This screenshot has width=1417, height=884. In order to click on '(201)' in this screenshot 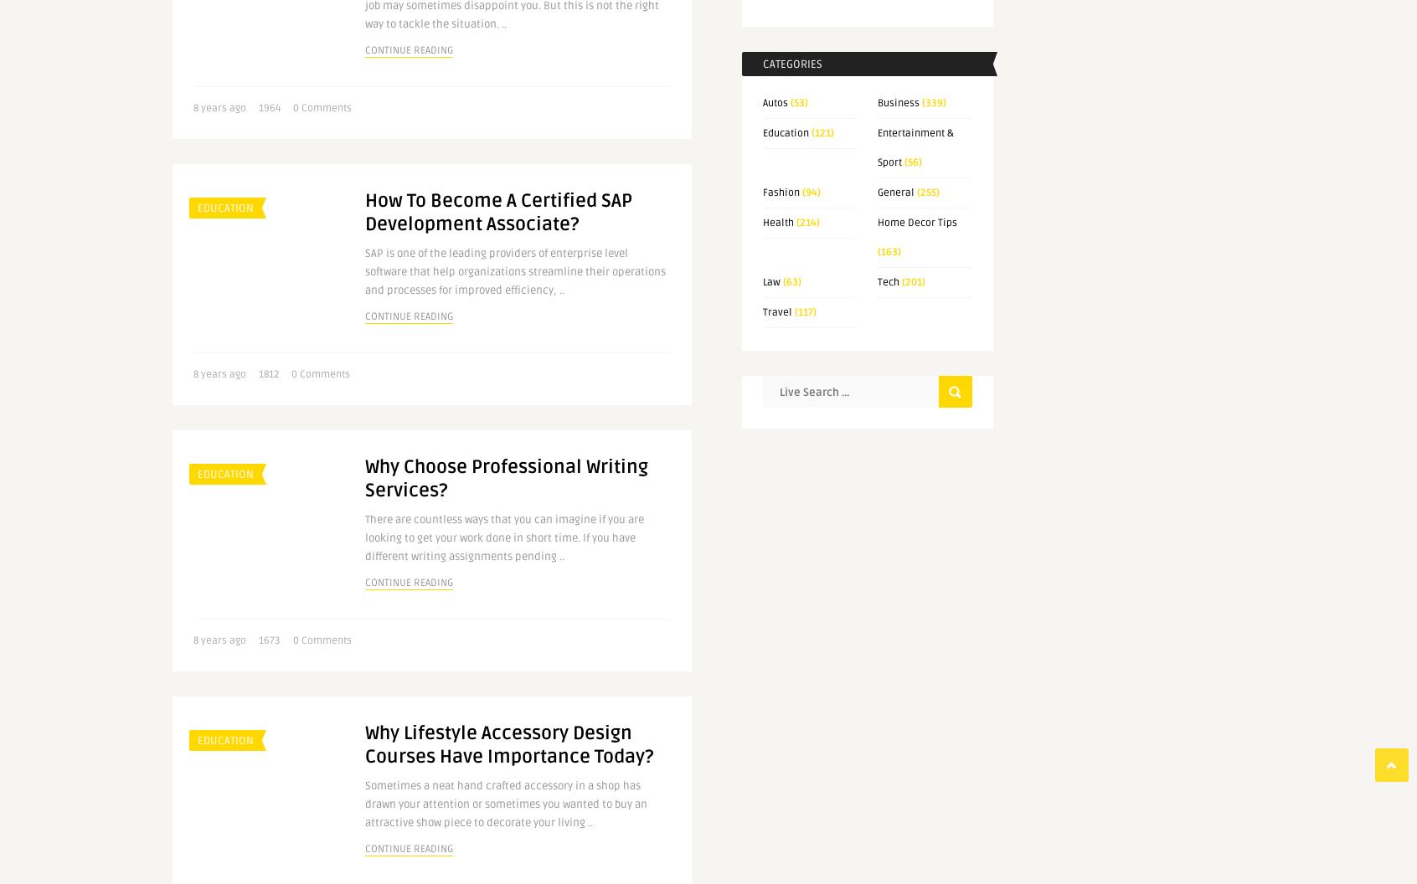, I will do `click(912, 281)`.